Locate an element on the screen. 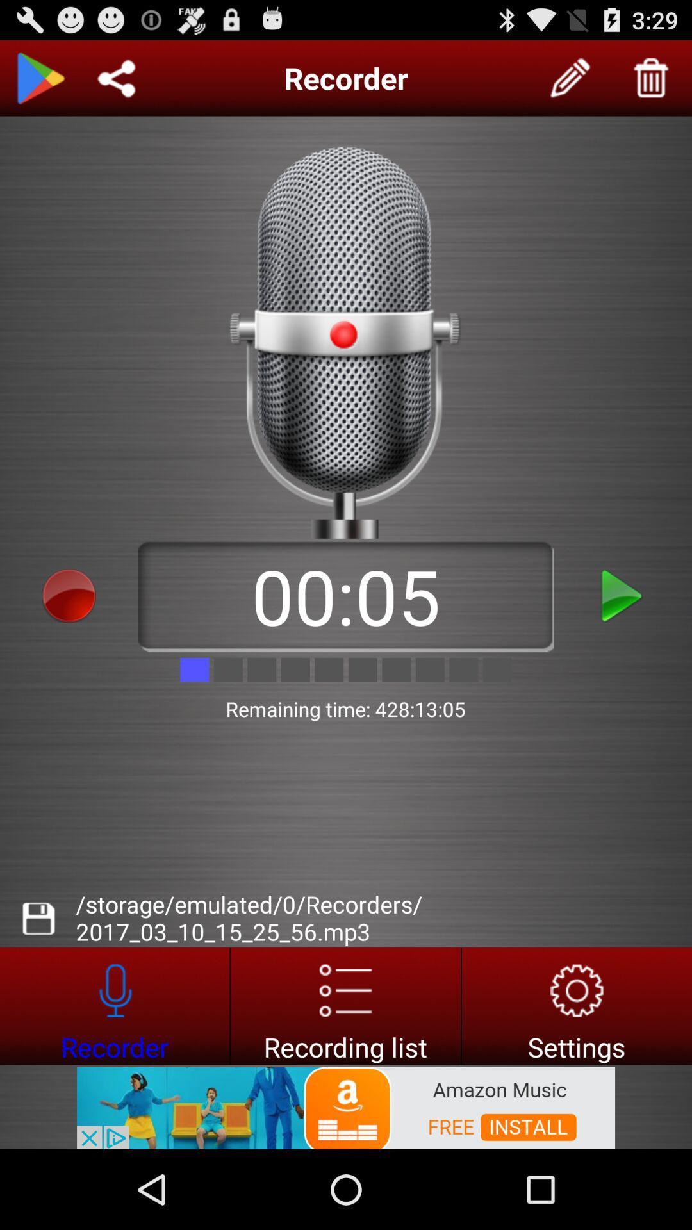  the edit icon is located at coordinates (570, 83).